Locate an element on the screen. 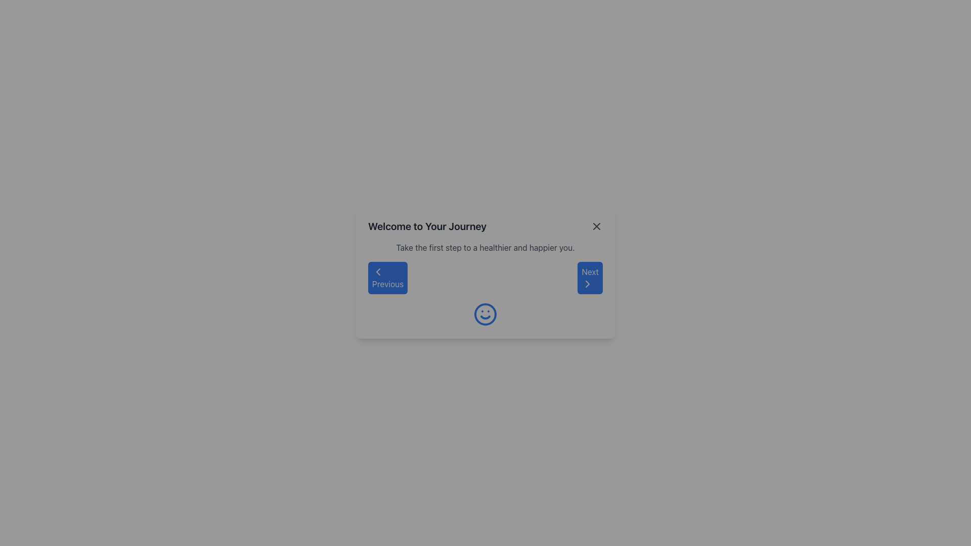 Image resolution: width=971 pixels, height=546 pixels. the 'Next' button located at the bottom-right corner of the modal window to observe its hover effect is located at coordinates (590, 278).